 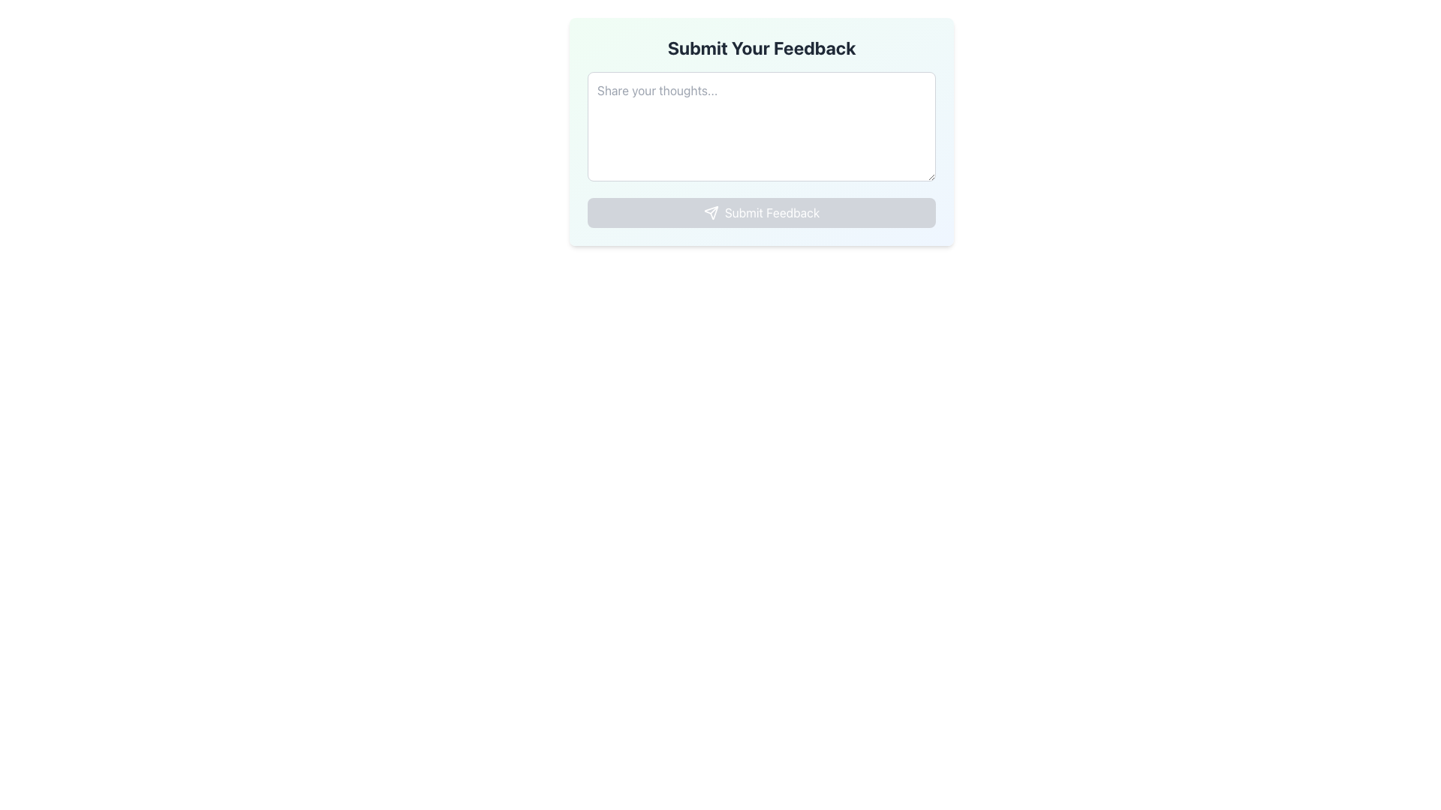 What do you see at coordinates (710, 213) in the screenshot?
I see `the triangular 'send' icon that is part of the 'Submit Feedback' button, located below the input field for feedback` at bounding box center [710, 213].